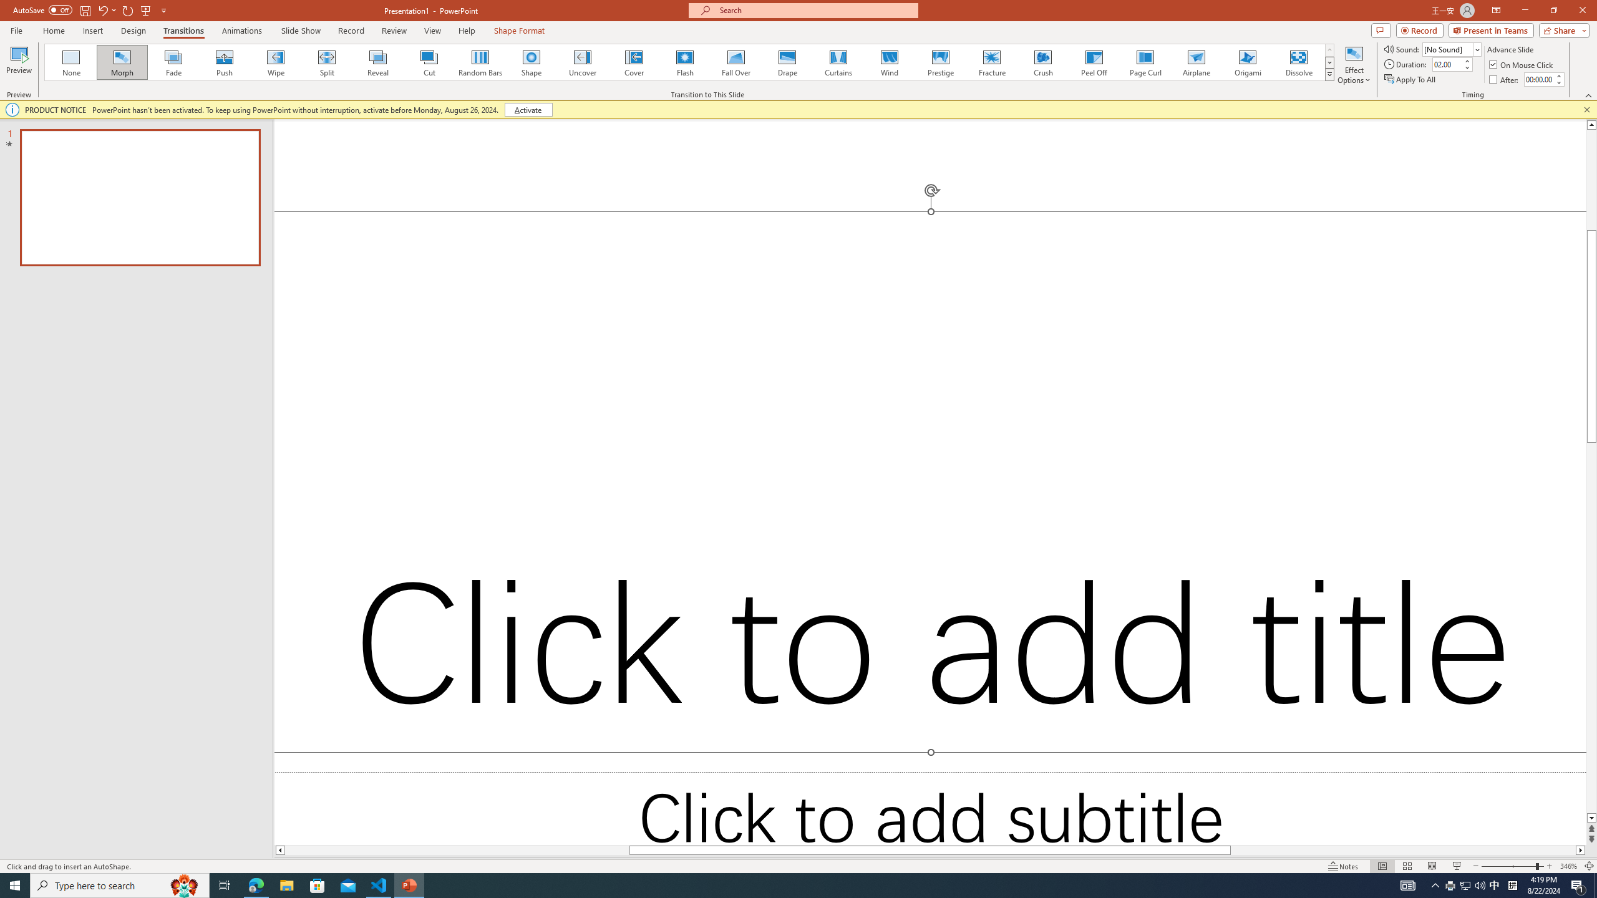  What do you see at coordinates (224, 62) in the screenshot?
I see `'Push'` at bounding box center [224, 62].